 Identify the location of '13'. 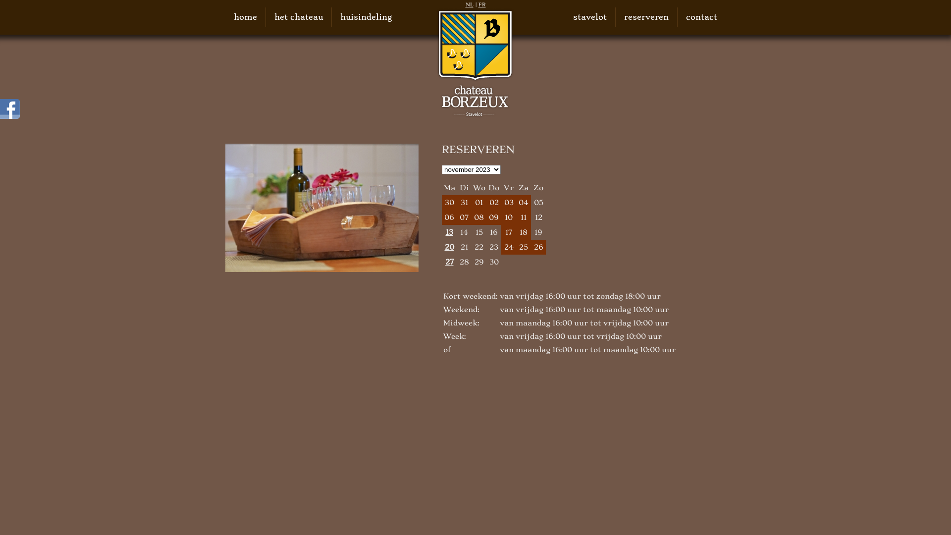
(449, 232).